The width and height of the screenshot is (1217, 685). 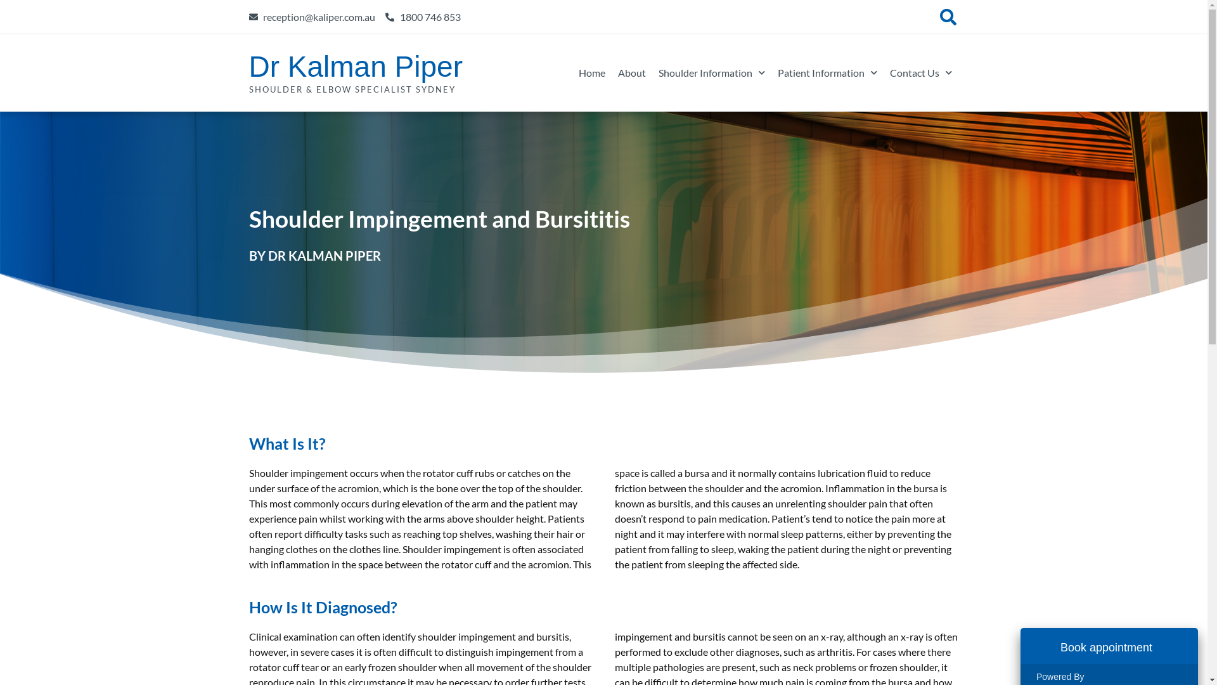 What do you see at coordinates (311, 16) in the screenshot?
I see `'reception@kaliper.com.au'` at bounding box center [311, 16].